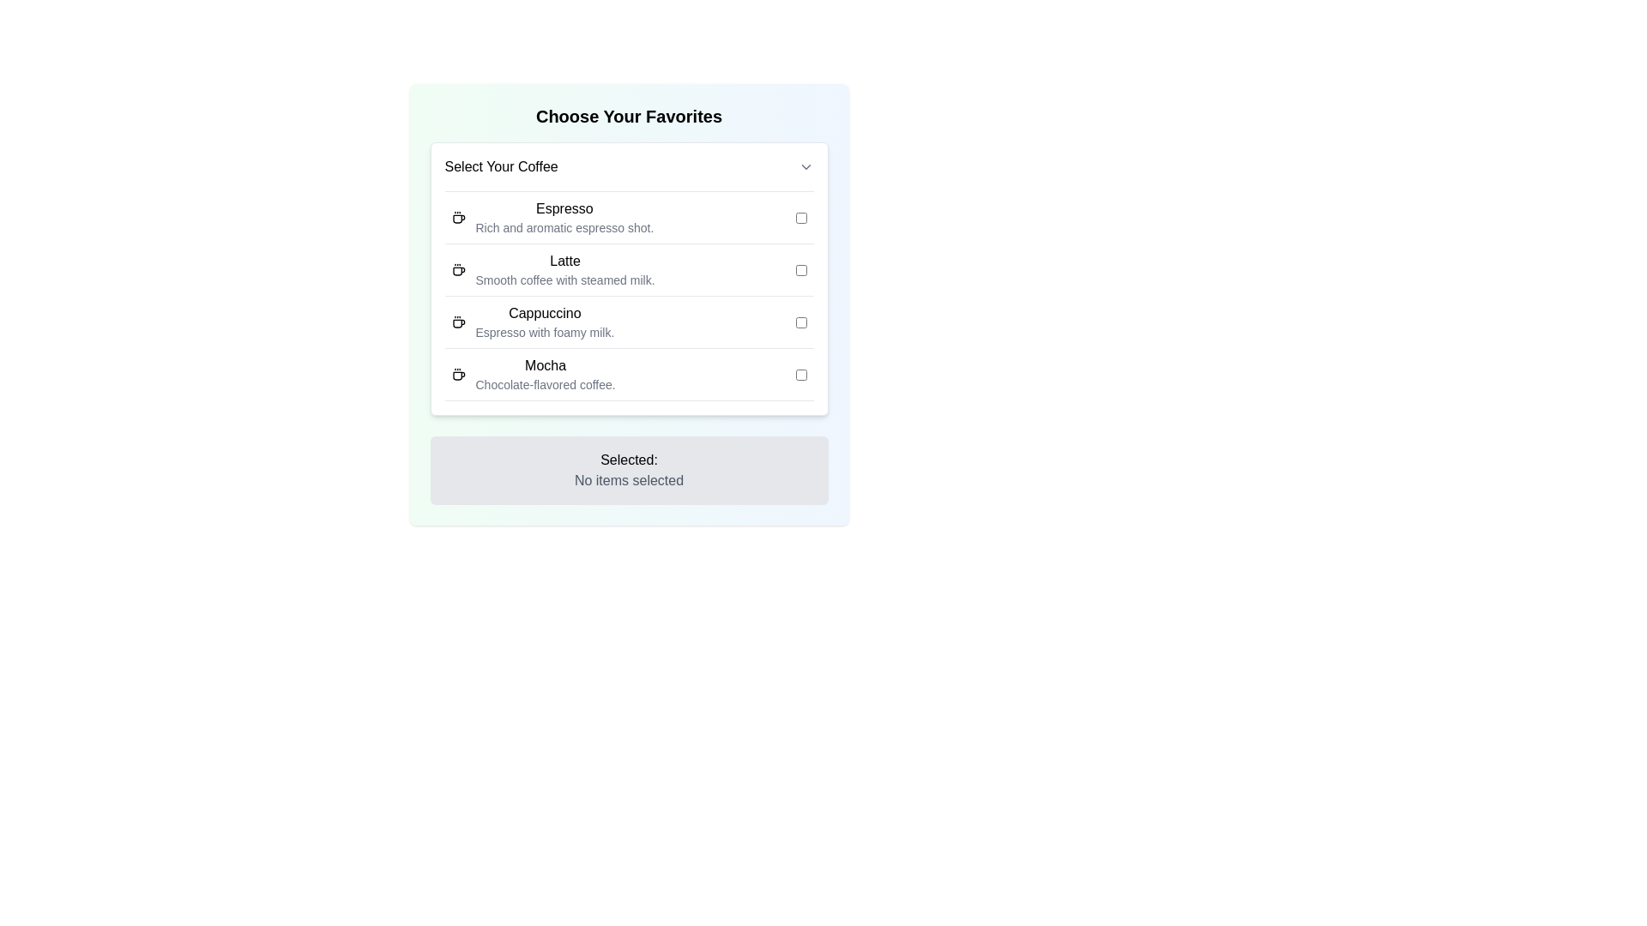 Image resolution: width=1647 pixels, height=926 pixels. I want to click on the 'Latte' icon in the coffee selection menu, which is located to the left of the 'Latte' text, so click(458, 270).